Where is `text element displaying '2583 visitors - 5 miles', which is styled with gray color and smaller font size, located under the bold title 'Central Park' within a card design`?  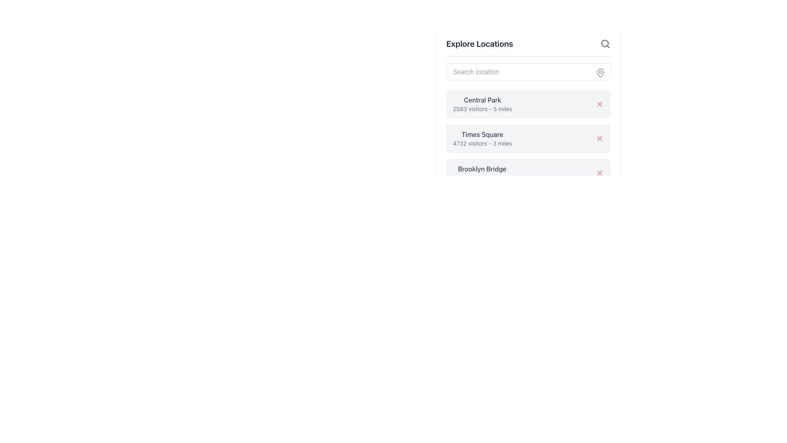 text element displaying '2583 visitors - 5 miles', which is styled with gray color and smaller font size, located under the bold title 'Central Park' within a card design is located at coordinates (482, 109).